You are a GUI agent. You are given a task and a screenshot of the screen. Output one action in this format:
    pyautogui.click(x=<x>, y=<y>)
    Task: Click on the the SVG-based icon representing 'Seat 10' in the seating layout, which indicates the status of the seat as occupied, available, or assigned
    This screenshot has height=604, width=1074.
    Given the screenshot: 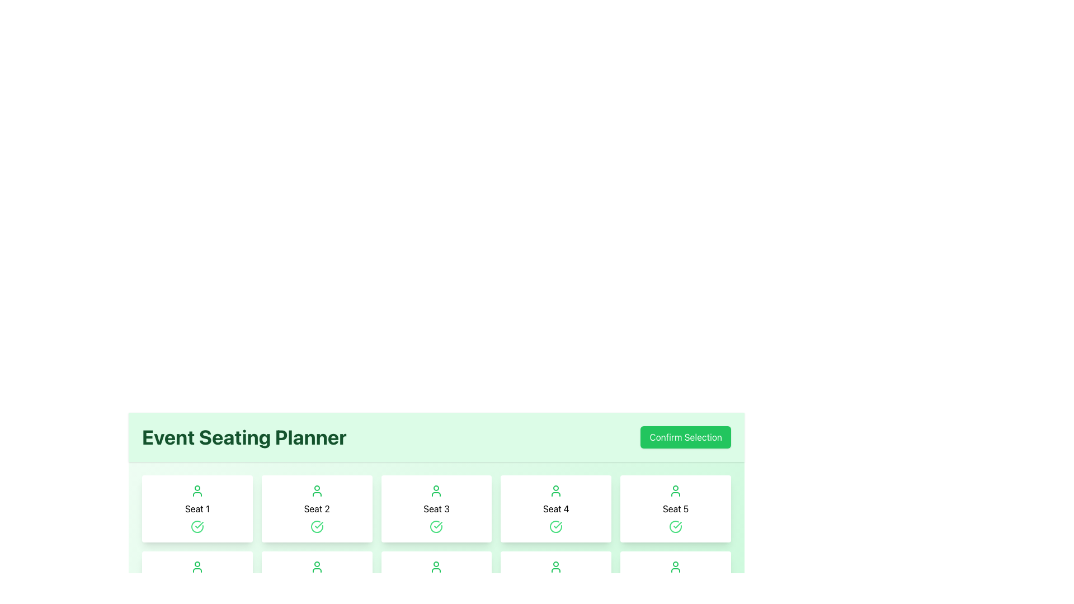 What is the action you would take?
    pyautogui.click(x=675, y=567)
    